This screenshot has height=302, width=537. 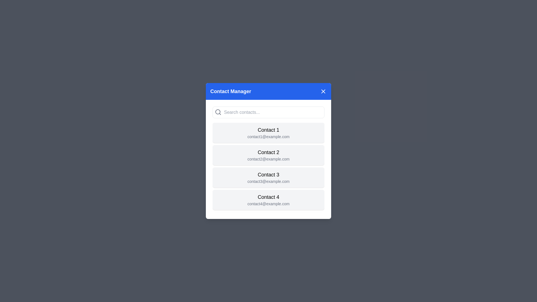 I want to click on the search icon located near the search bar, so click(x=218, y=112).